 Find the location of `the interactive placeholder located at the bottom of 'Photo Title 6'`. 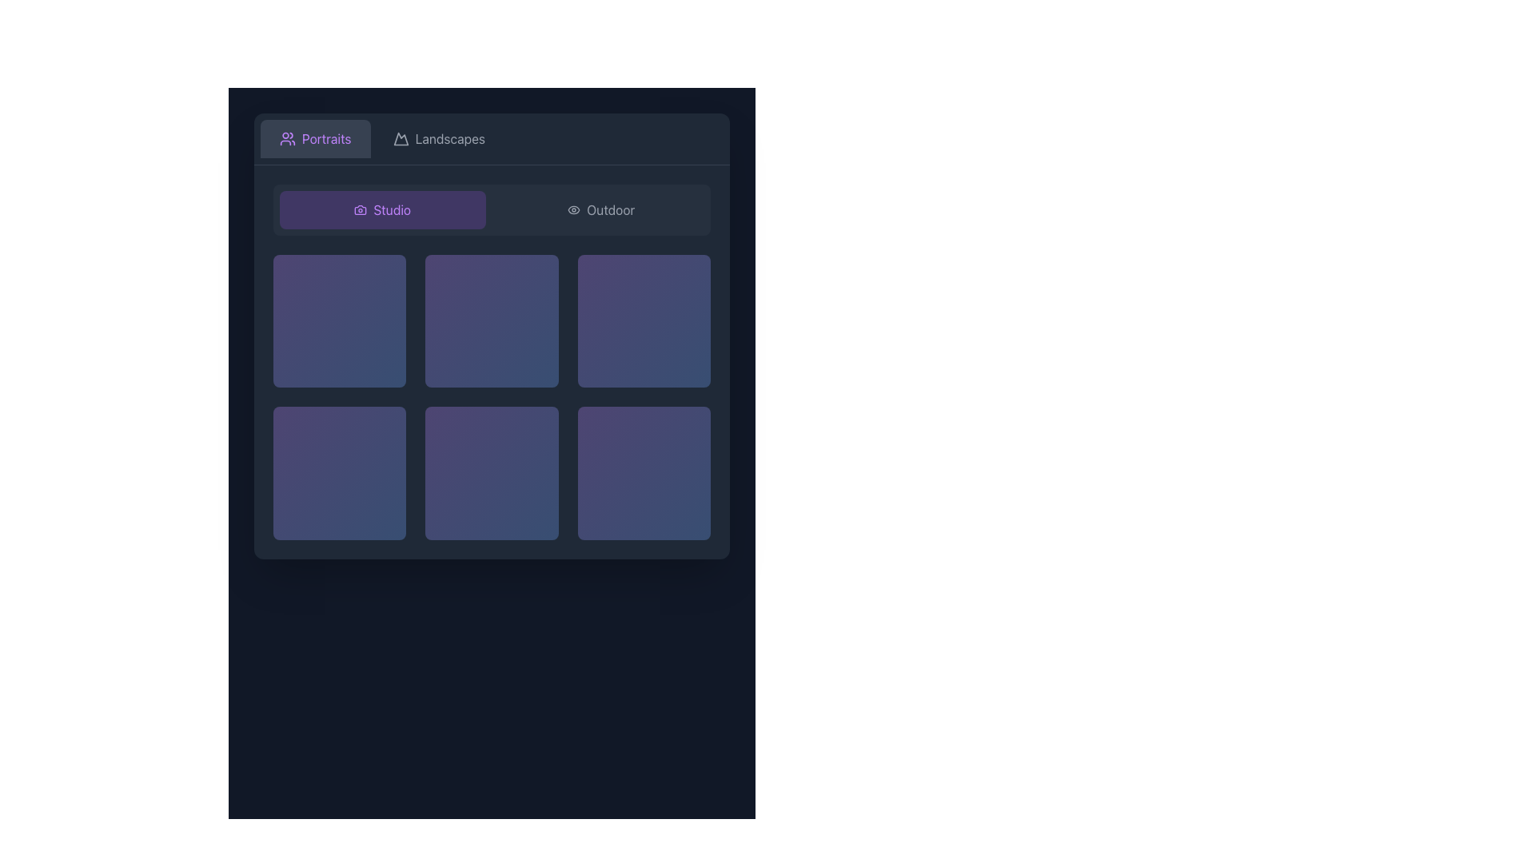

the interactive placeholder located at the bottom of 'Photo Title 6' is located at coordinates (644, 519).